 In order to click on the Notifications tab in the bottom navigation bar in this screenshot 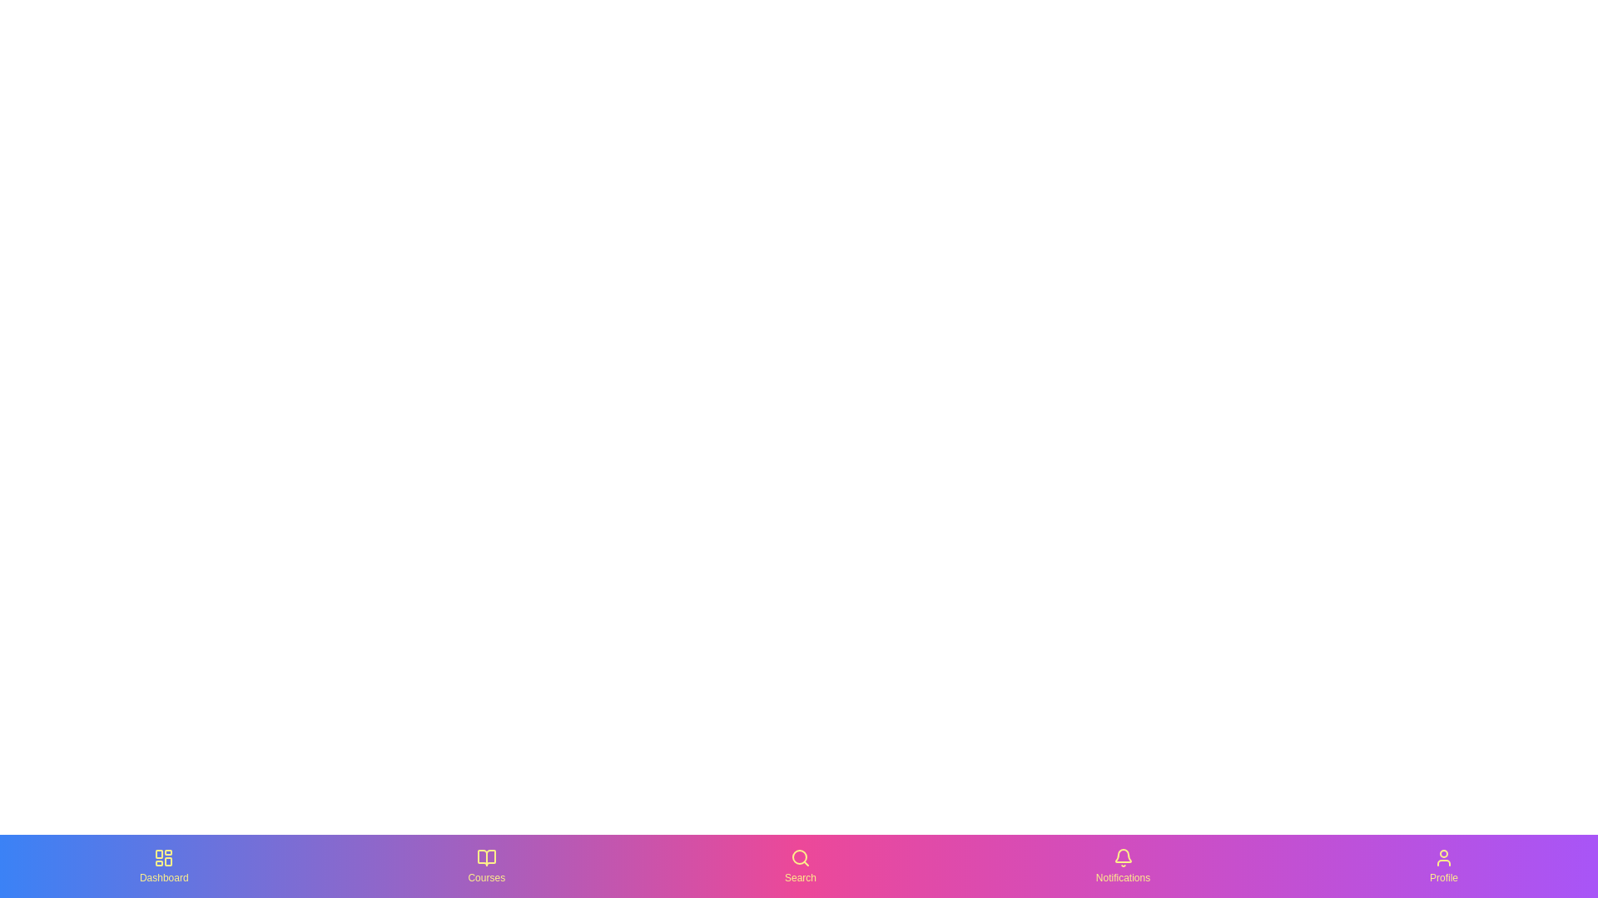, I will do `click(1123, 865)`.